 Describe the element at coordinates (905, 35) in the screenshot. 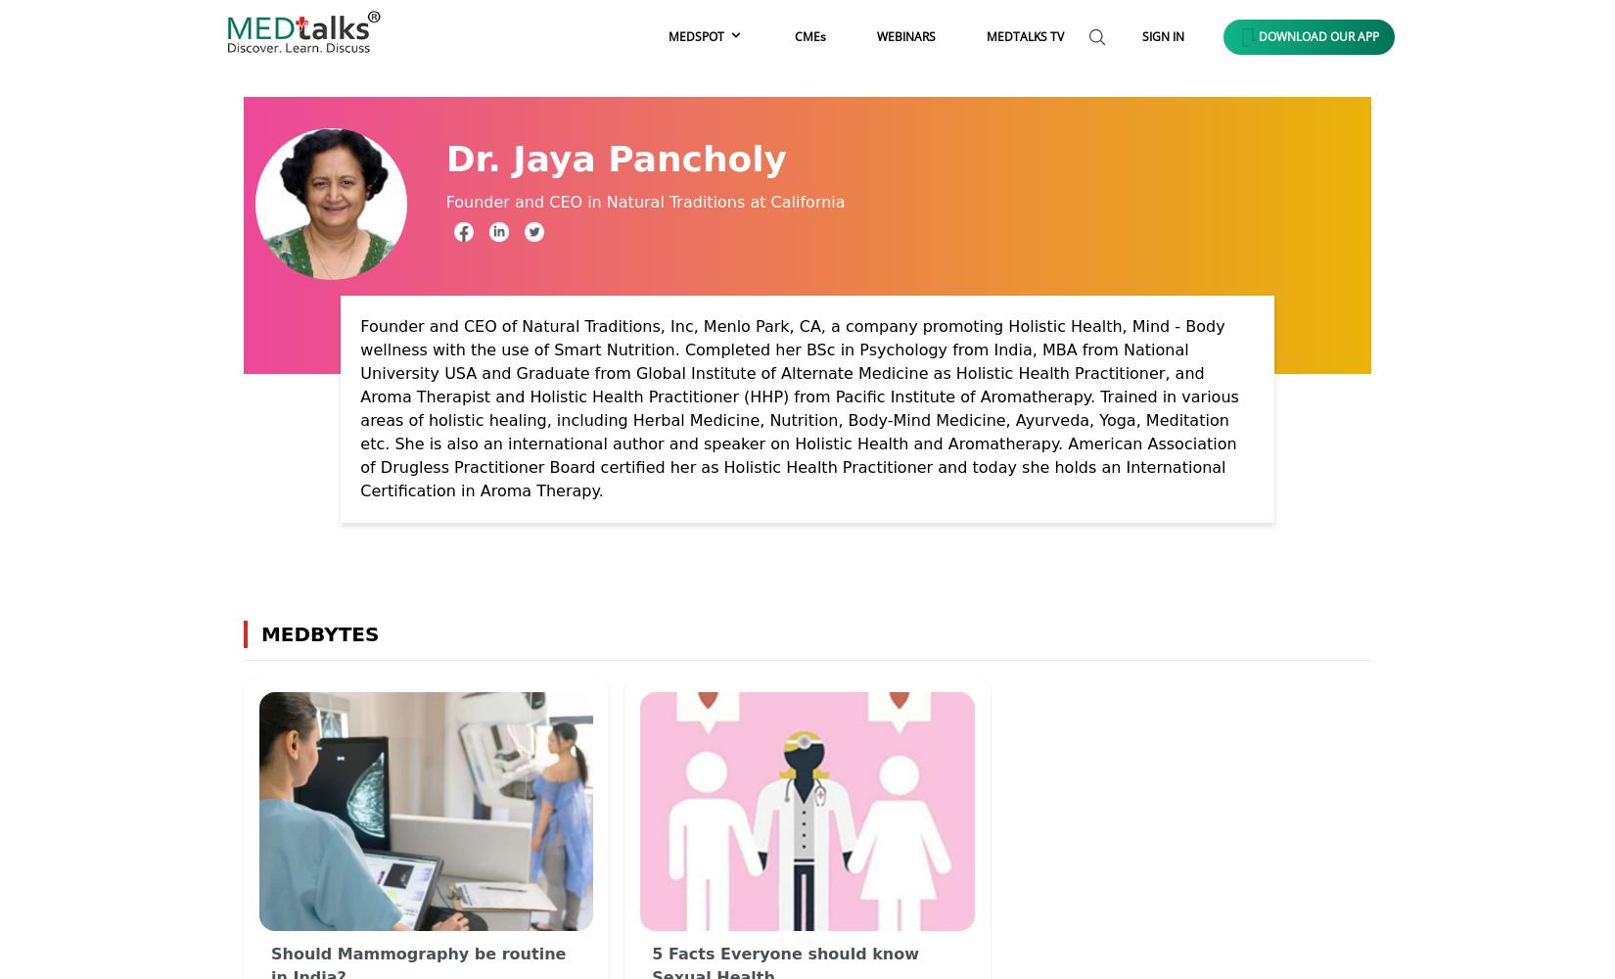

I see `'WEBINARS'` at that location.